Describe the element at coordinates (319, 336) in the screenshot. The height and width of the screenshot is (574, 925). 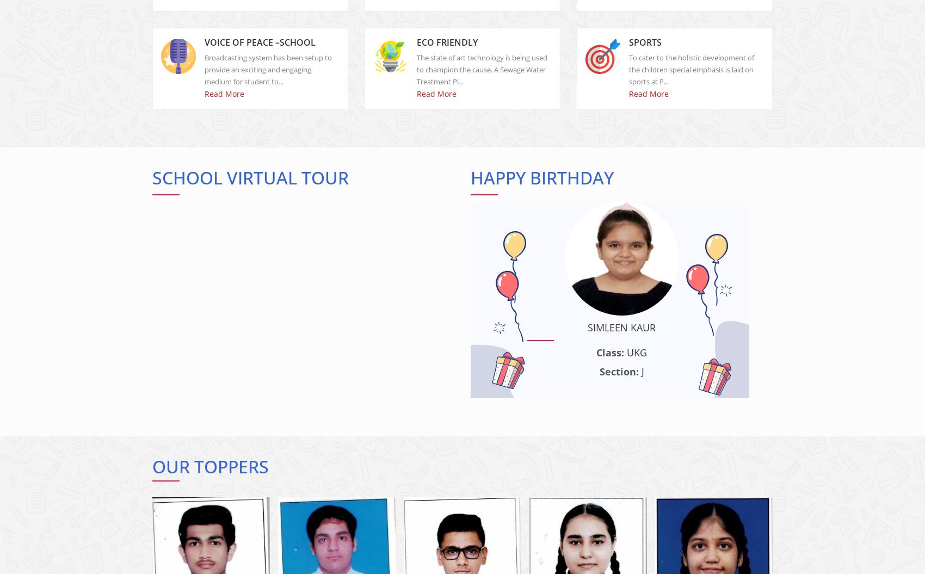
I see `'BALREET KAUR'` at that location.